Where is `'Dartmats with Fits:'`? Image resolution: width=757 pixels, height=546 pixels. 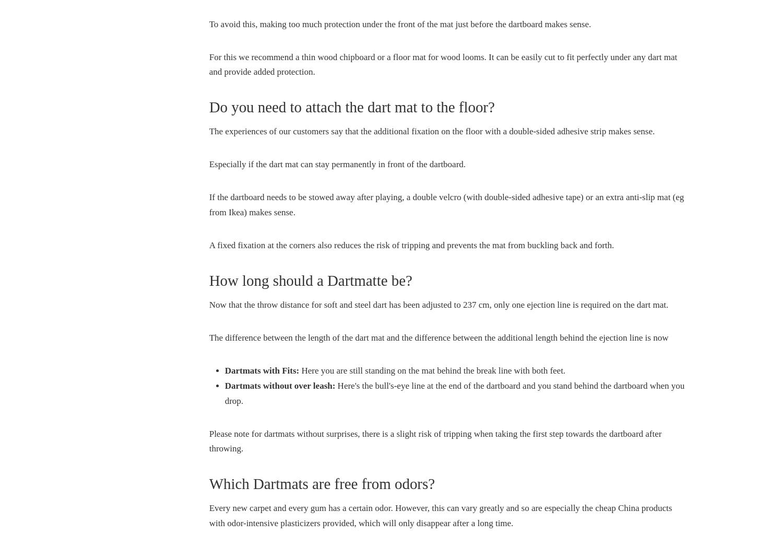
'Dartmats with Fits:' is located at coordinates (224, 369).